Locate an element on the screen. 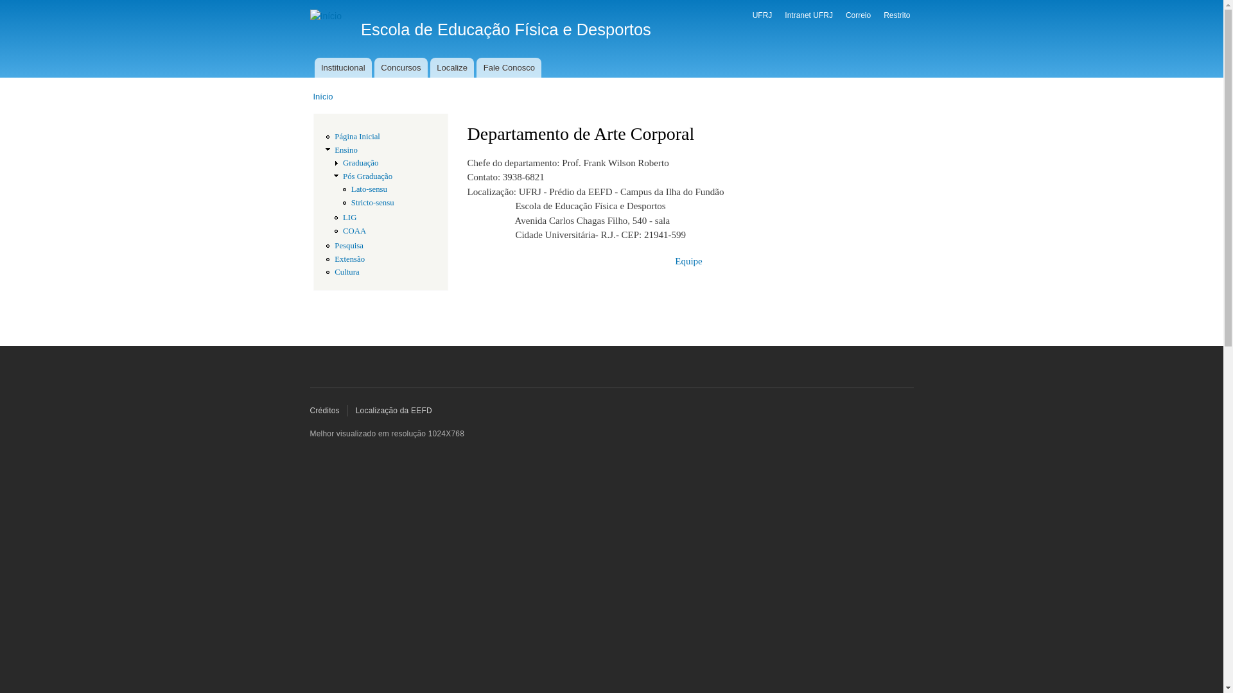  'Correio' is located at coordinates (858, 15).